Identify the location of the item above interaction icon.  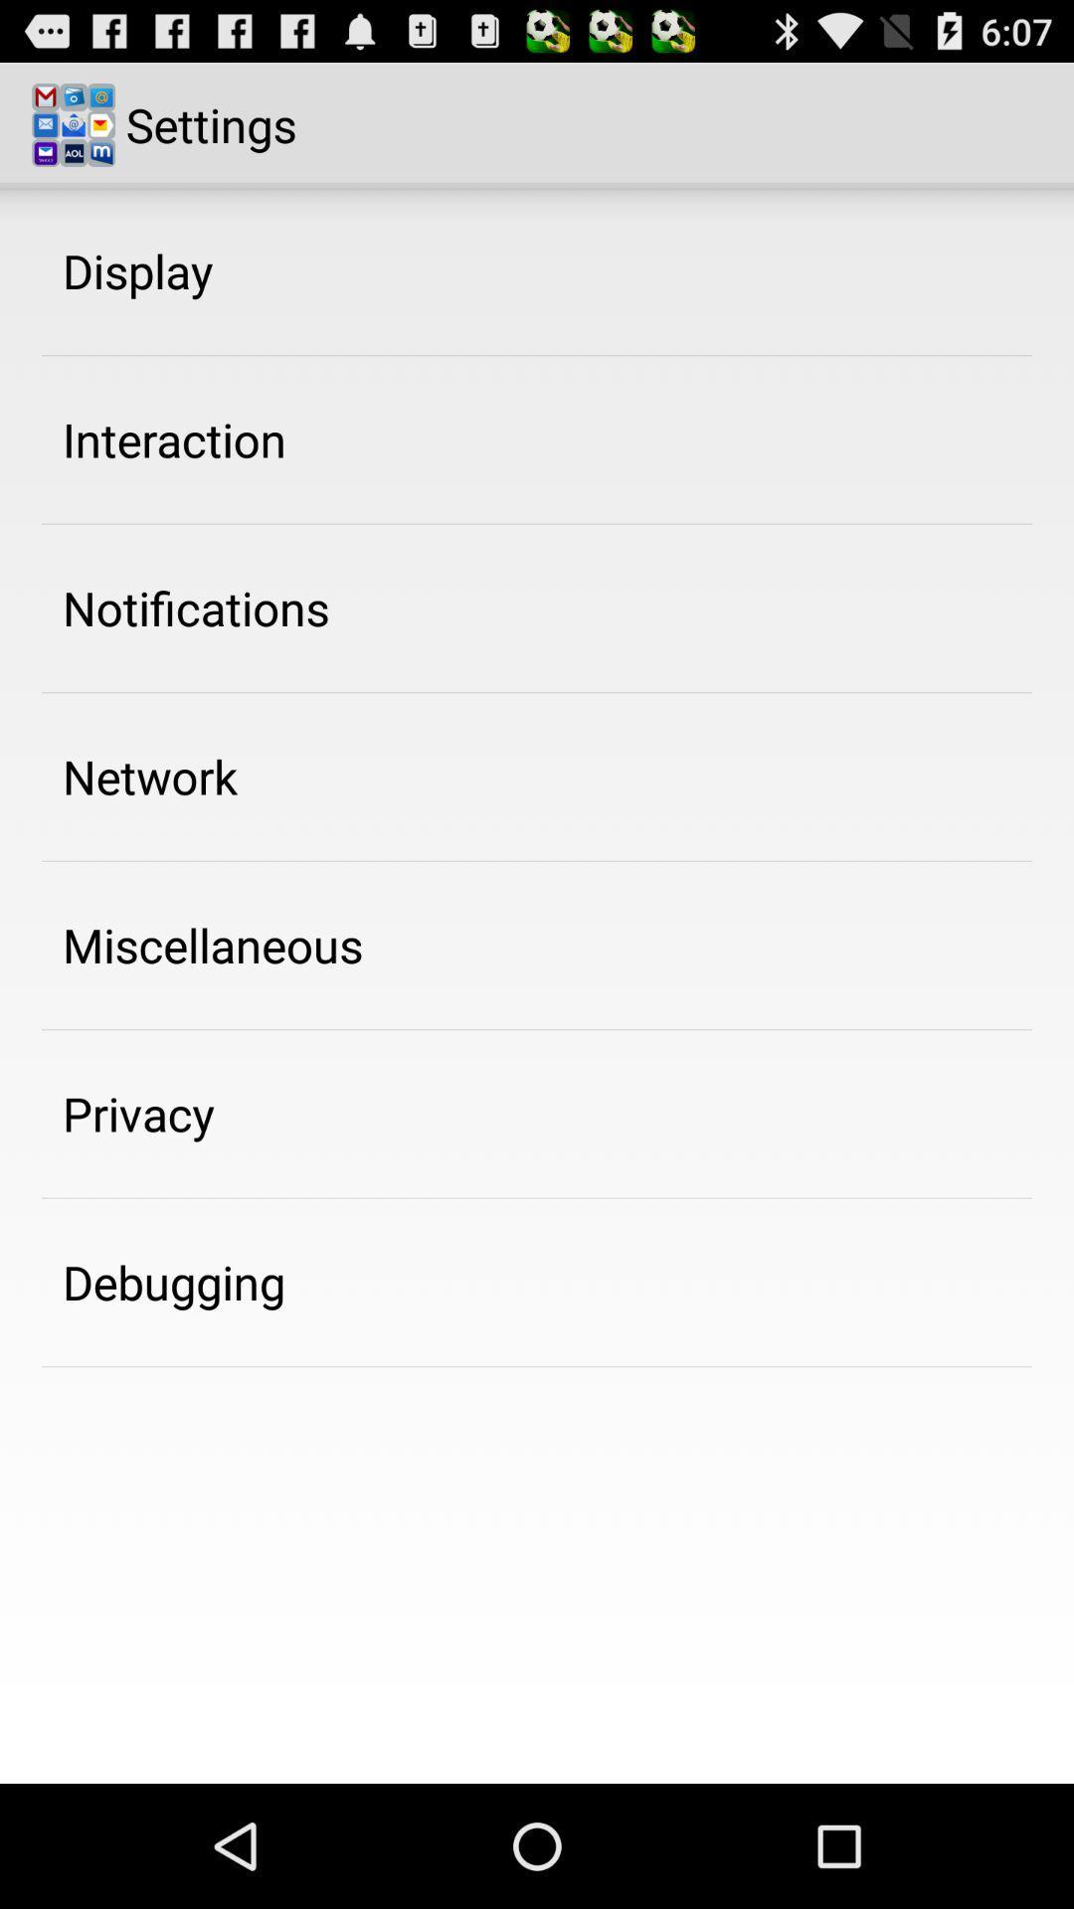
(136, 269).